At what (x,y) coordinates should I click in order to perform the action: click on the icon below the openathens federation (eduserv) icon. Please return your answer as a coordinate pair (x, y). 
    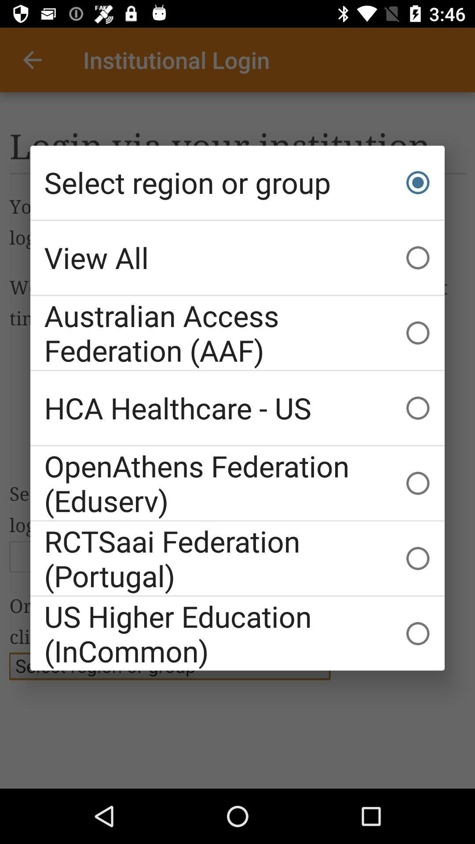
    Looking at the image, I should click on (237, 558).